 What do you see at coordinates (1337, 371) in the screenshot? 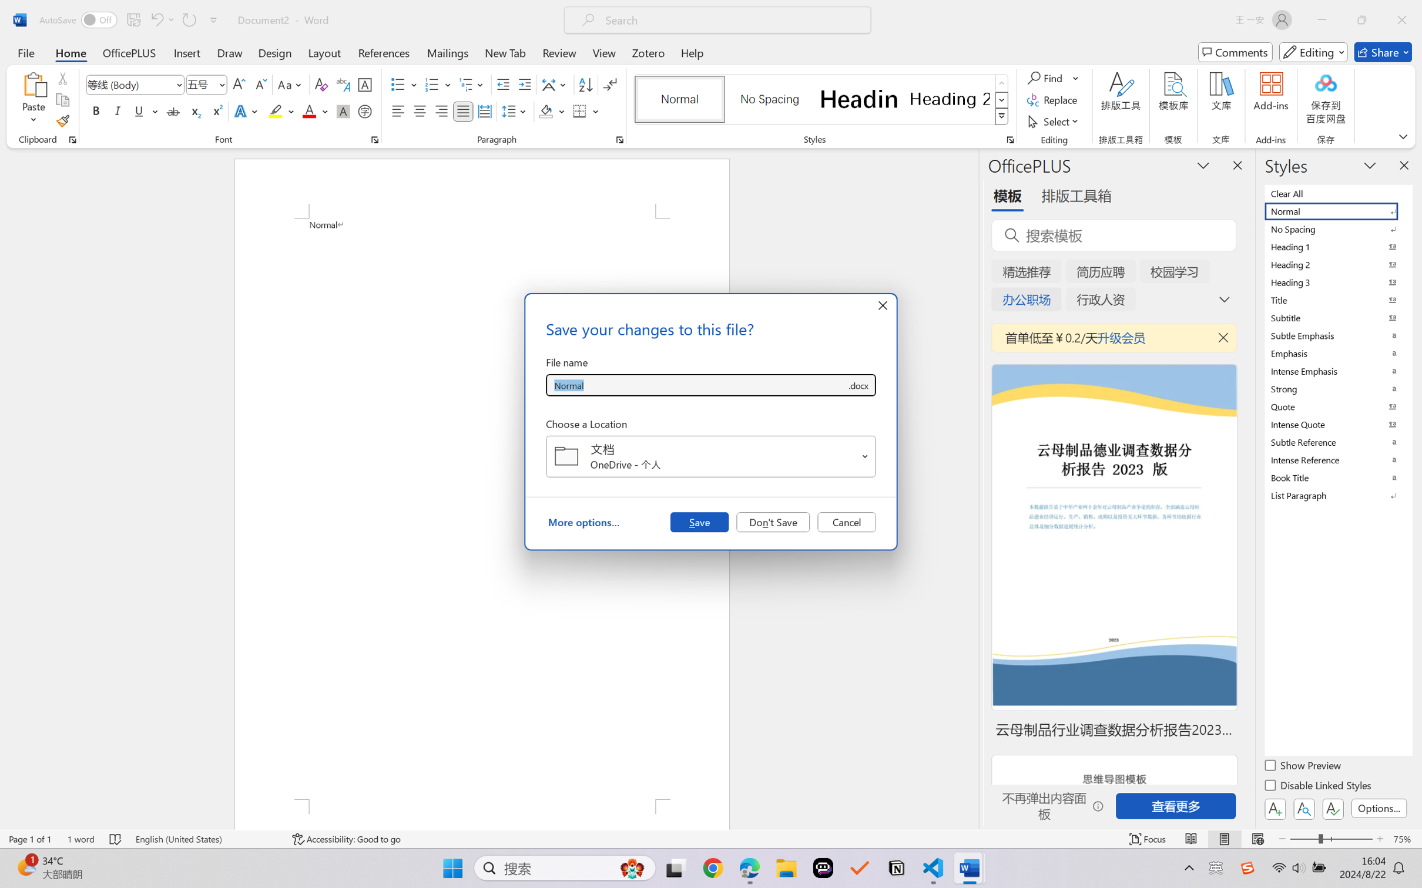
I see `'Intense Emphasis'` at bounding box center [1337, 371].